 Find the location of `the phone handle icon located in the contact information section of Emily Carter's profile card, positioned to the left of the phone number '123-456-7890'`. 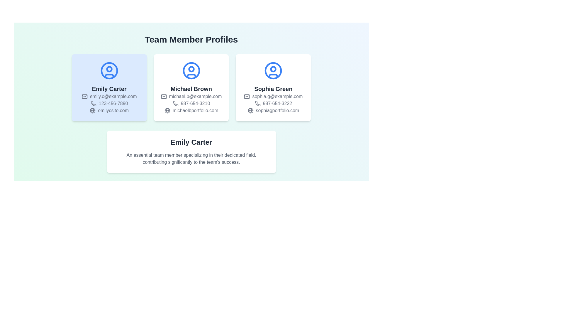

the phone handle icon located in the contact information section of Emily Carter's profile card, positioned to the left of the phone number '123-456-7890' is located at coordinates (93, 103).